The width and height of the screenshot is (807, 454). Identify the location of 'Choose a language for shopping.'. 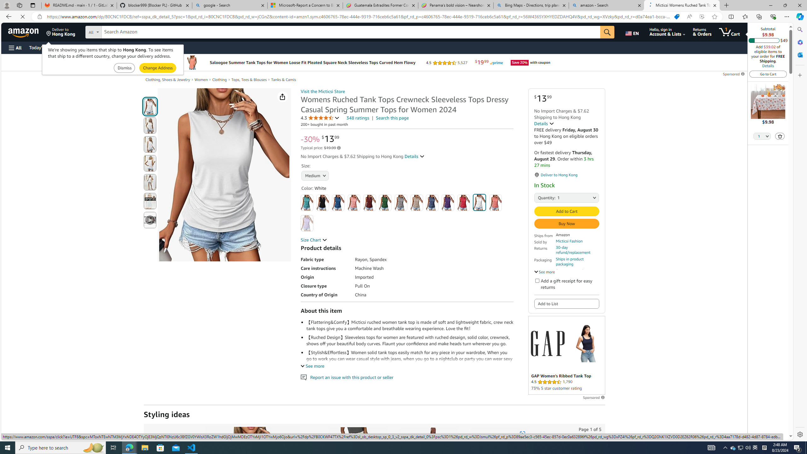
(633, 32).